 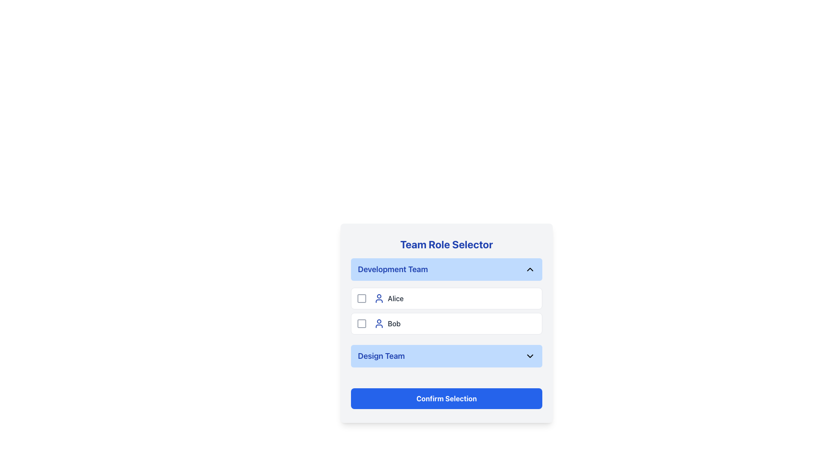 What do you see at coordinates (446, 323) in the screenshot?
I see `to select the list item labeled 'Bob' in the 'Development Team' section of the 'Team Role Selector'` at bounding box center [446, 323].